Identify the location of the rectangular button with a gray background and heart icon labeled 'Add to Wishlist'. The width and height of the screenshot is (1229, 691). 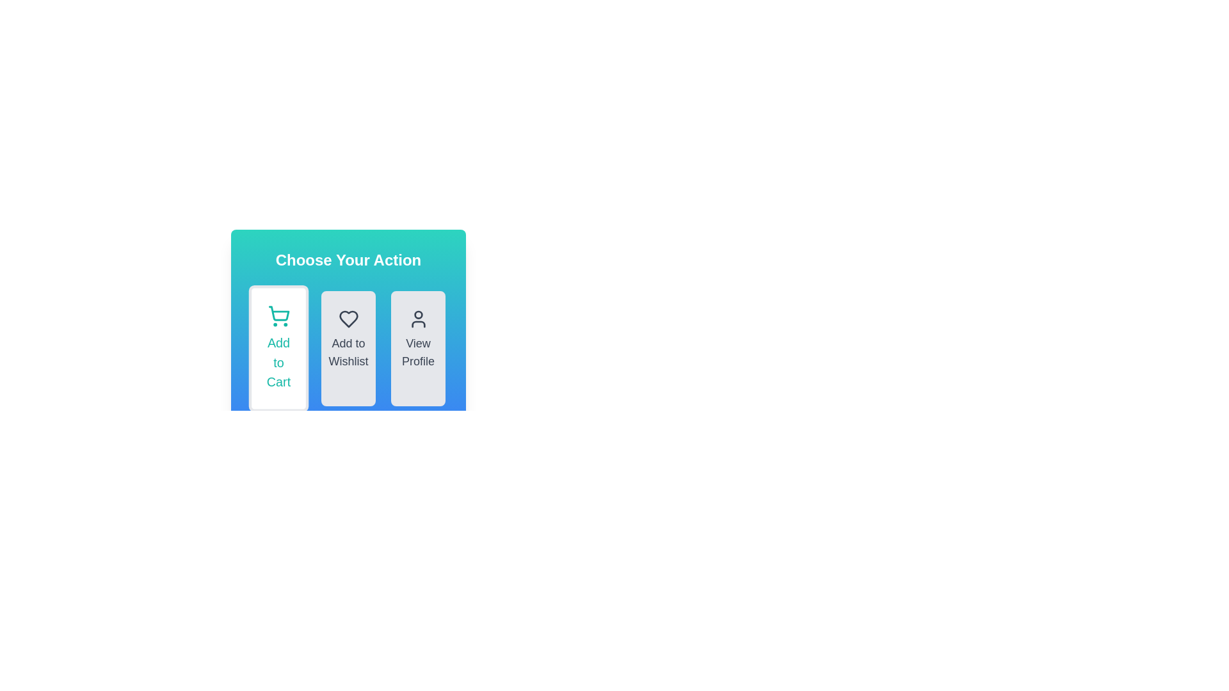
(348, 328).